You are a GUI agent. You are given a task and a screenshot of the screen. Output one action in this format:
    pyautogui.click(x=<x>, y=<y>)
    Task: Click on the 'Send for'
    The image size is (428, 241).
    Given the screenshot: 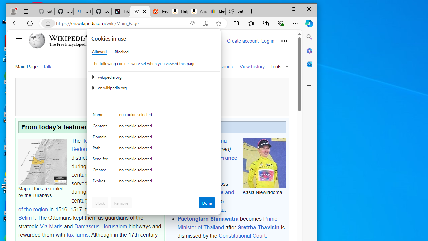 What is the action you would take?
    pyautogui.click(x=101, y=160)
    